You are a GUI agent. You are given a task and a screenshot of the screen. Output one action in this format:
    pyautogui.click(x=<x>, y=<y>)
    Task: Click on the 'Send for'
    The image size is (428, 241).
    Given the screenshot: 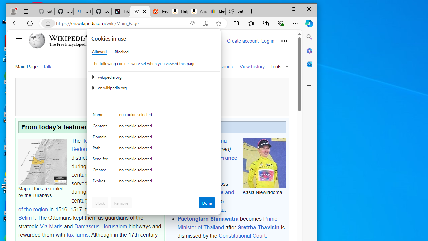 What is the action you would take?
    pyautogui.click(x=101, y=160)
    